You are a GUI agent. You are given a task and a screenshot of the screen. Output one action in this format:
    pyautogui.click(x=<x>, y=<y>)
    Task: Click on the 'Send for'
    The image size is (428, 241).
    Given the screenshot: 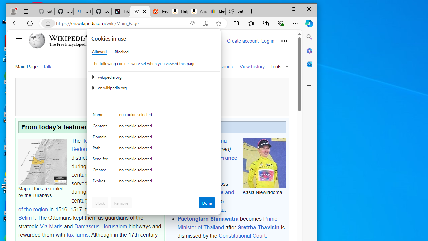 What is the action you would take?
    pyautogui.click(x=101, y=160)
    